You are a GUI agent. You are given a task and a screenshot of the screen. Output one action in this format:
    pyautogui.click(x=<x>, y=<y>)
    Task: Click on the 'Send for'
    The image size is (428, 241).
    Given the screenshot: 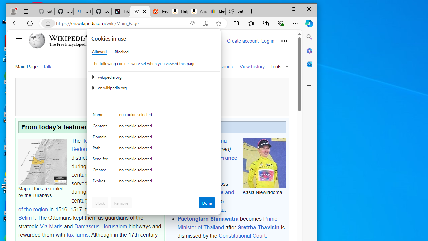 What is the action you would take?
    pyautogui.click(x=101, y=160)
    